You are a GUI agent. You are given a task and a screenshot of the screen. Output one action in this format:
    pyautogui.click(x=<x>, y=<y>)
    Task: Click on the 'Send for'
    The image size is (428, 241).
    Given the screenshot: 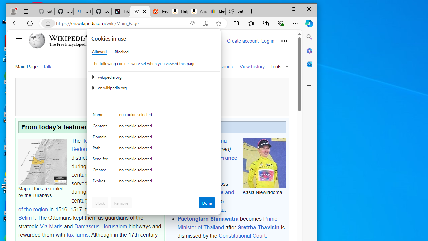 What is the action you would take?
    pyautogui.click(x=101, y=160)
    